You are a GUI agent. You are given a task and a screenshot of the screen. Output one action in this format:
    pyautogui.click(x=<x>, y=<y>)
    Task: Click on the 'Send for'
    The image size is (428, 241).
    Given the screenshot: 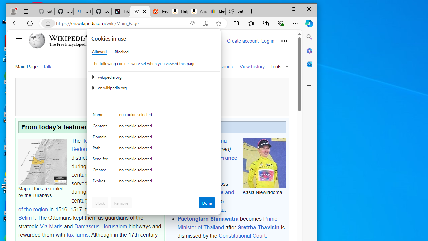 What is the action you would take?
    pyautogui.click(x=101, y=160)
    